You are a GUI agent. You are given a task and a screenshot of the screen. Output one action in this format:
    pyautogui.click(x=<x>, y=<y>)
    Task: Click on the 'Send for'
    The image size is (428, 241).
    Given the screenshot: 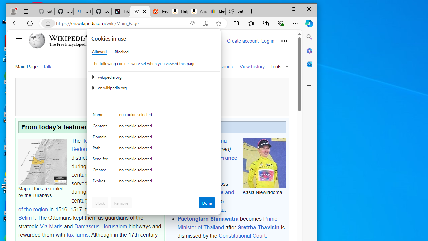 What is the action you would take?
    pyautogui.click(x=101, y=160)
    